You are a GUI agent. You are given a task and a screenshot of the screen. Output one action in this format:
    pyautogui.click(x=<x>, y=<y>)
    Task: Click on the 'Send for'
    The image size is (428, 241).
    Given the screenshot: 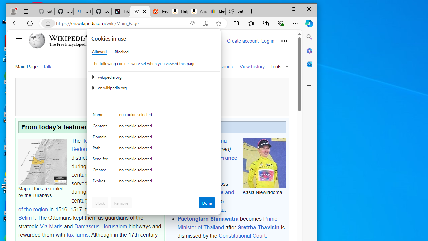 What is the action you would take?
    pyautogui.click(x=101, y=160)
    